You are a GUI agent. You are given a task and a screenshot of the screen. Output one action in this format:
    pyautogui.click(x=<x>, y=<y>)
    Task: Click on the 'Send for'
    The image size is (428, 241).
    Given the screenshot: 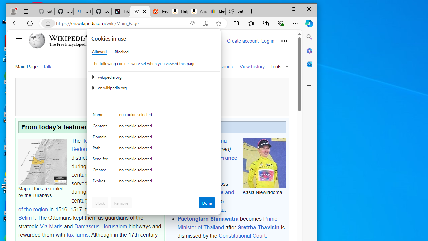 What is the action you would take?
    pyautogui.click(x=101, y=160)
    